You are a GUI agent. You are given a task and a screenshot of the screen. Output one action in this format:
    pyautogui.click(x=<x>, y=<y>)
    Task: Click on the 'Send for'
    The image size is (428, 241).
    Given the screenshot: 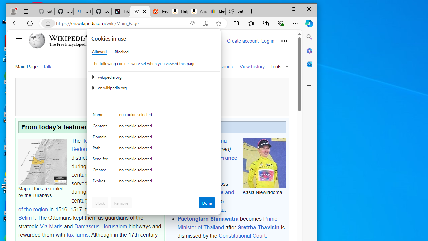 What is the action you would take?
    pyautogui.click(x=101, y=160)
    